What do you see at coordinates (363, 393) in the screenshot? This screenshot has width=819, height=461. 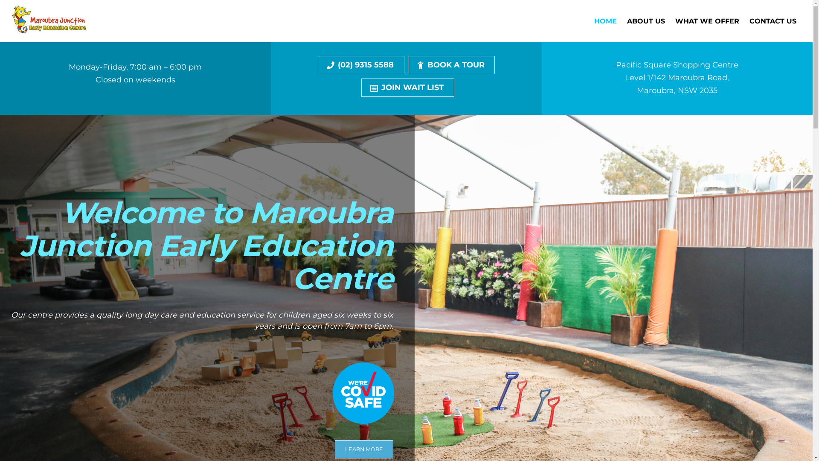 I see `'COVID_Safe_Badge_Digital'` at bounding box center [363, 393].